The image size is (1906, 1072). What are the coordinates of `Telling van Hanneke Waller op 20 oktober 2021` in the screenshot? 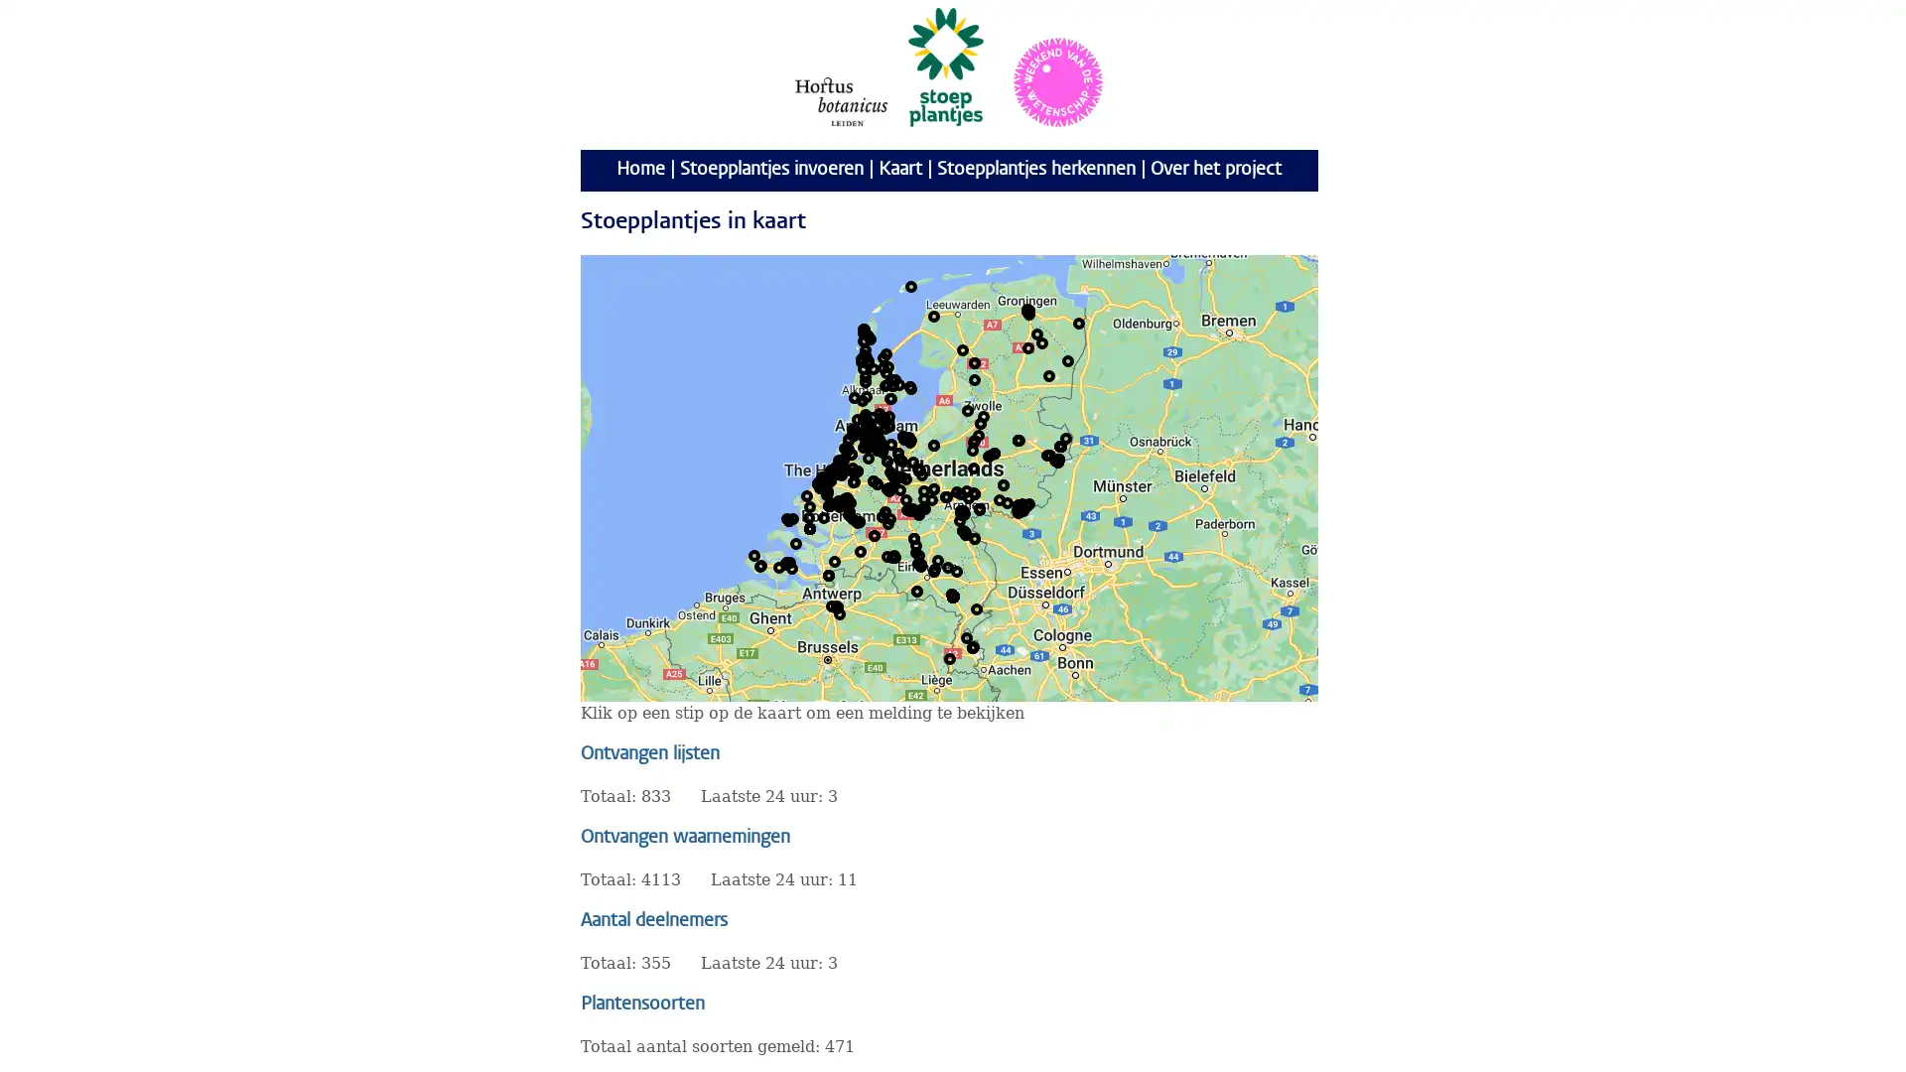 It's located at (899, 459).